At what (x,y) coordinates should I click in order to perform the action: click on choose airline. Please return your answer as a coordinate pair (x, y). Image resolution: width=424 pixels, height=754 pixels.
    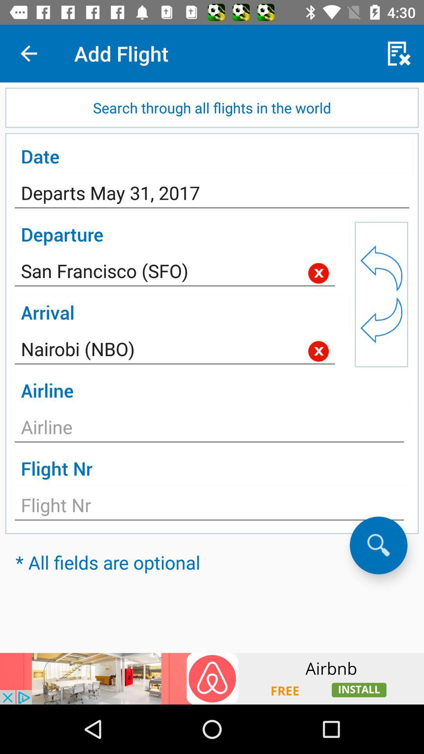
    Looking at the image, I should click on (209, 429).